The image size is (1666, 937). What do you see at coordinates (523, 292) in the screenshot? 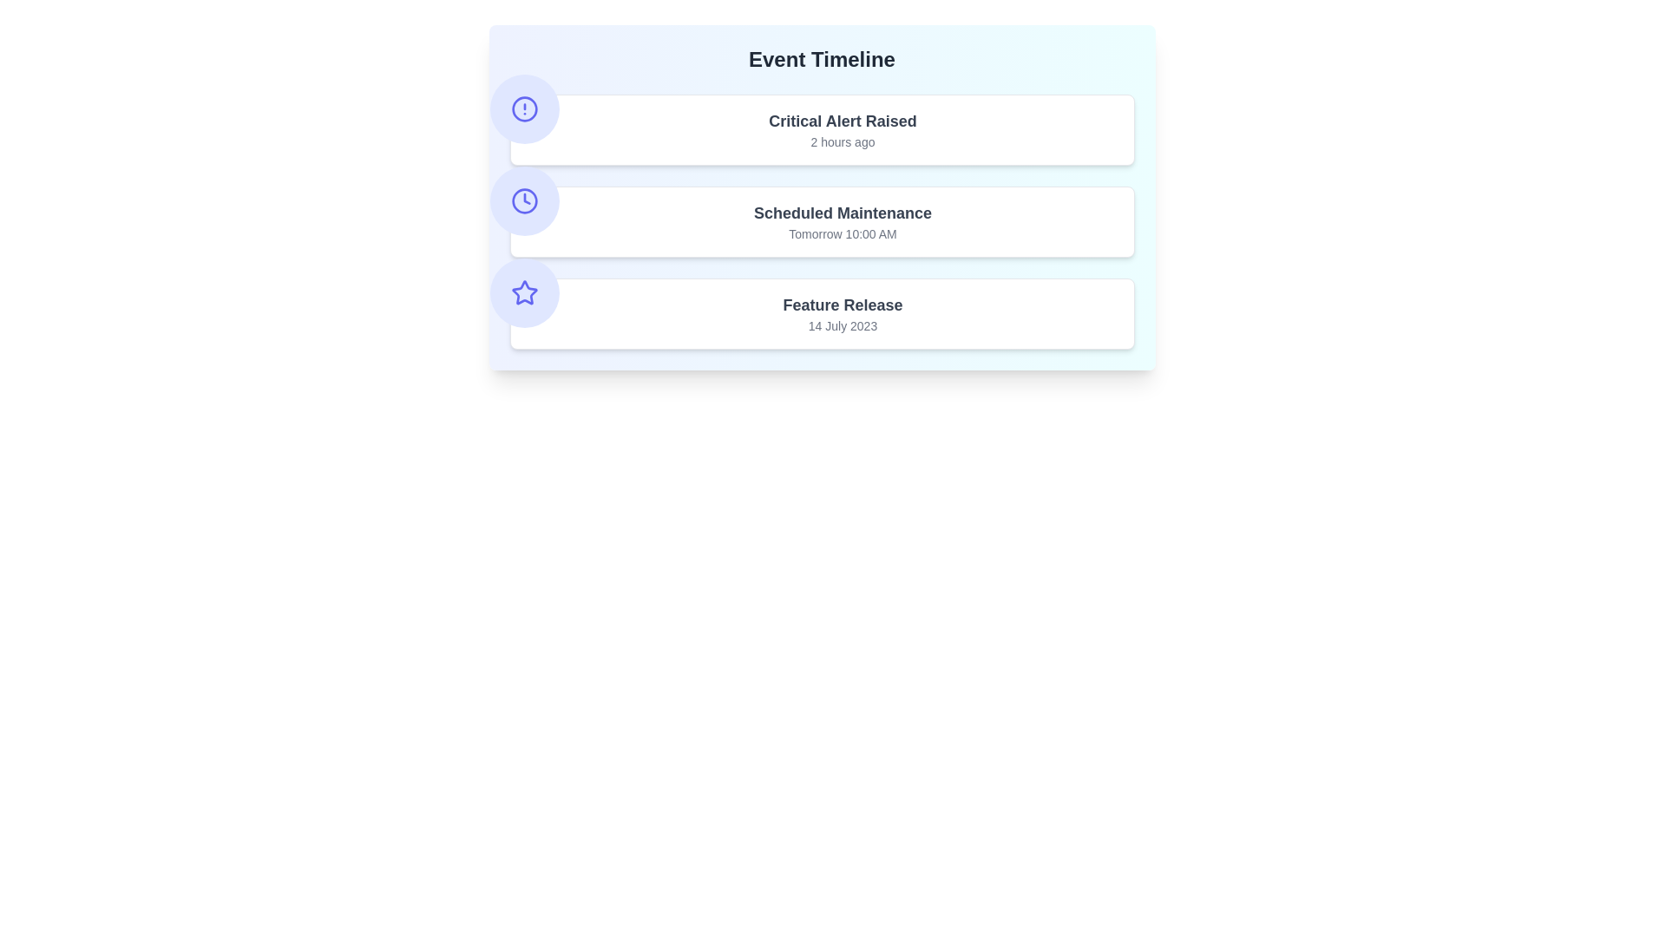
I see `the icon representing the event type Feature Release` at bounding box center [523, 292].